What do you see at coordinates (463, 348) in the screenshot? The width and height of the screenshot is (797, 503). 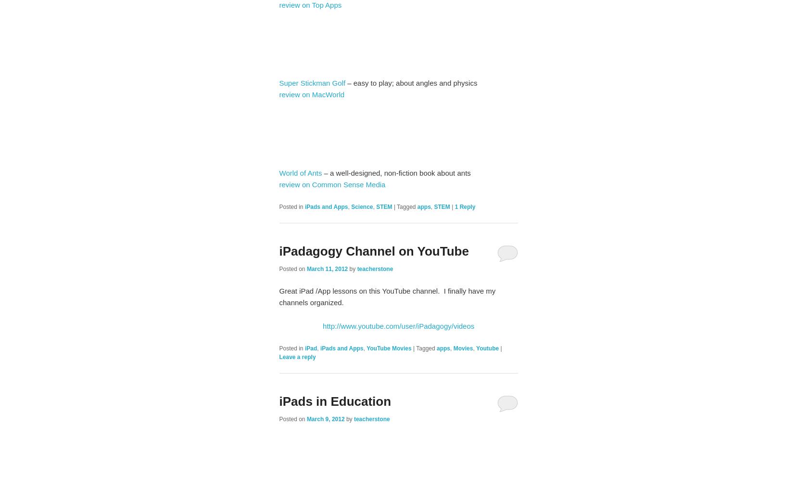 I see `'Movies'` at bounding box center [463, 348].